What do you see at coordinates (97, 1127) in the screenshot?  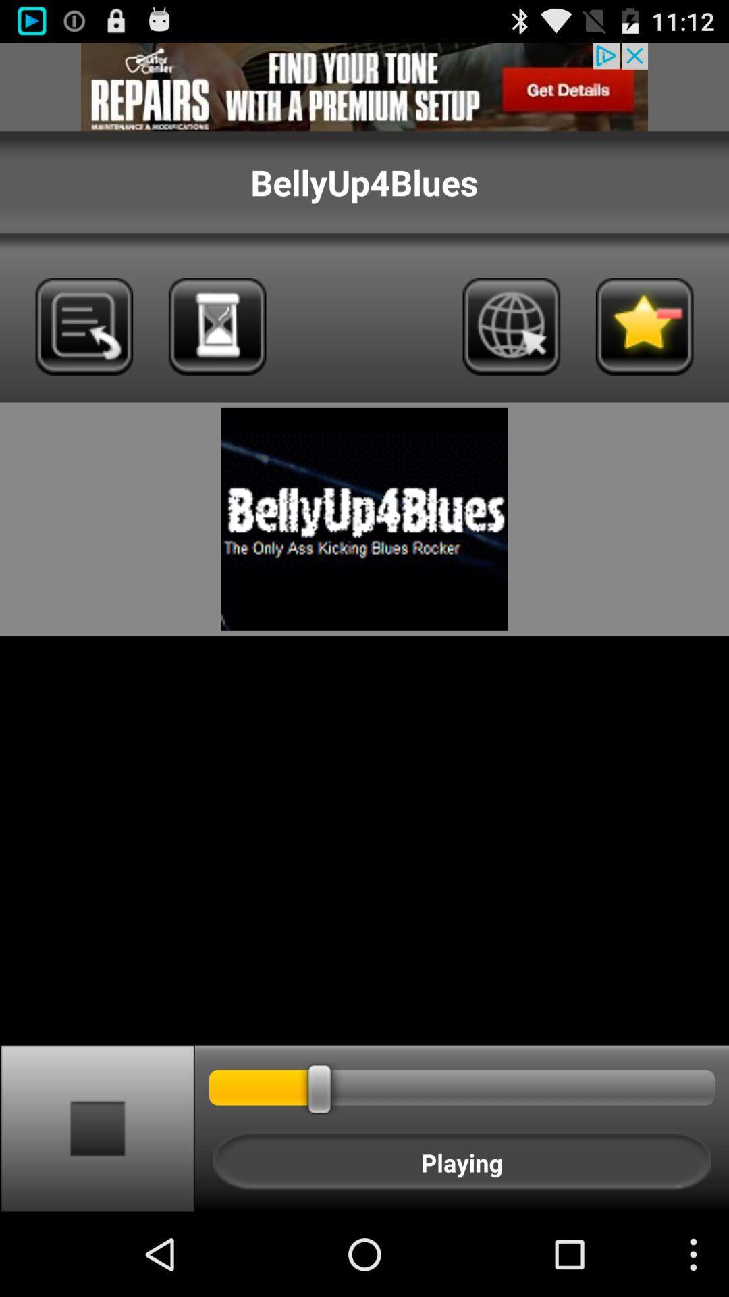 I see `stop` at bounding box center [97, 1127].